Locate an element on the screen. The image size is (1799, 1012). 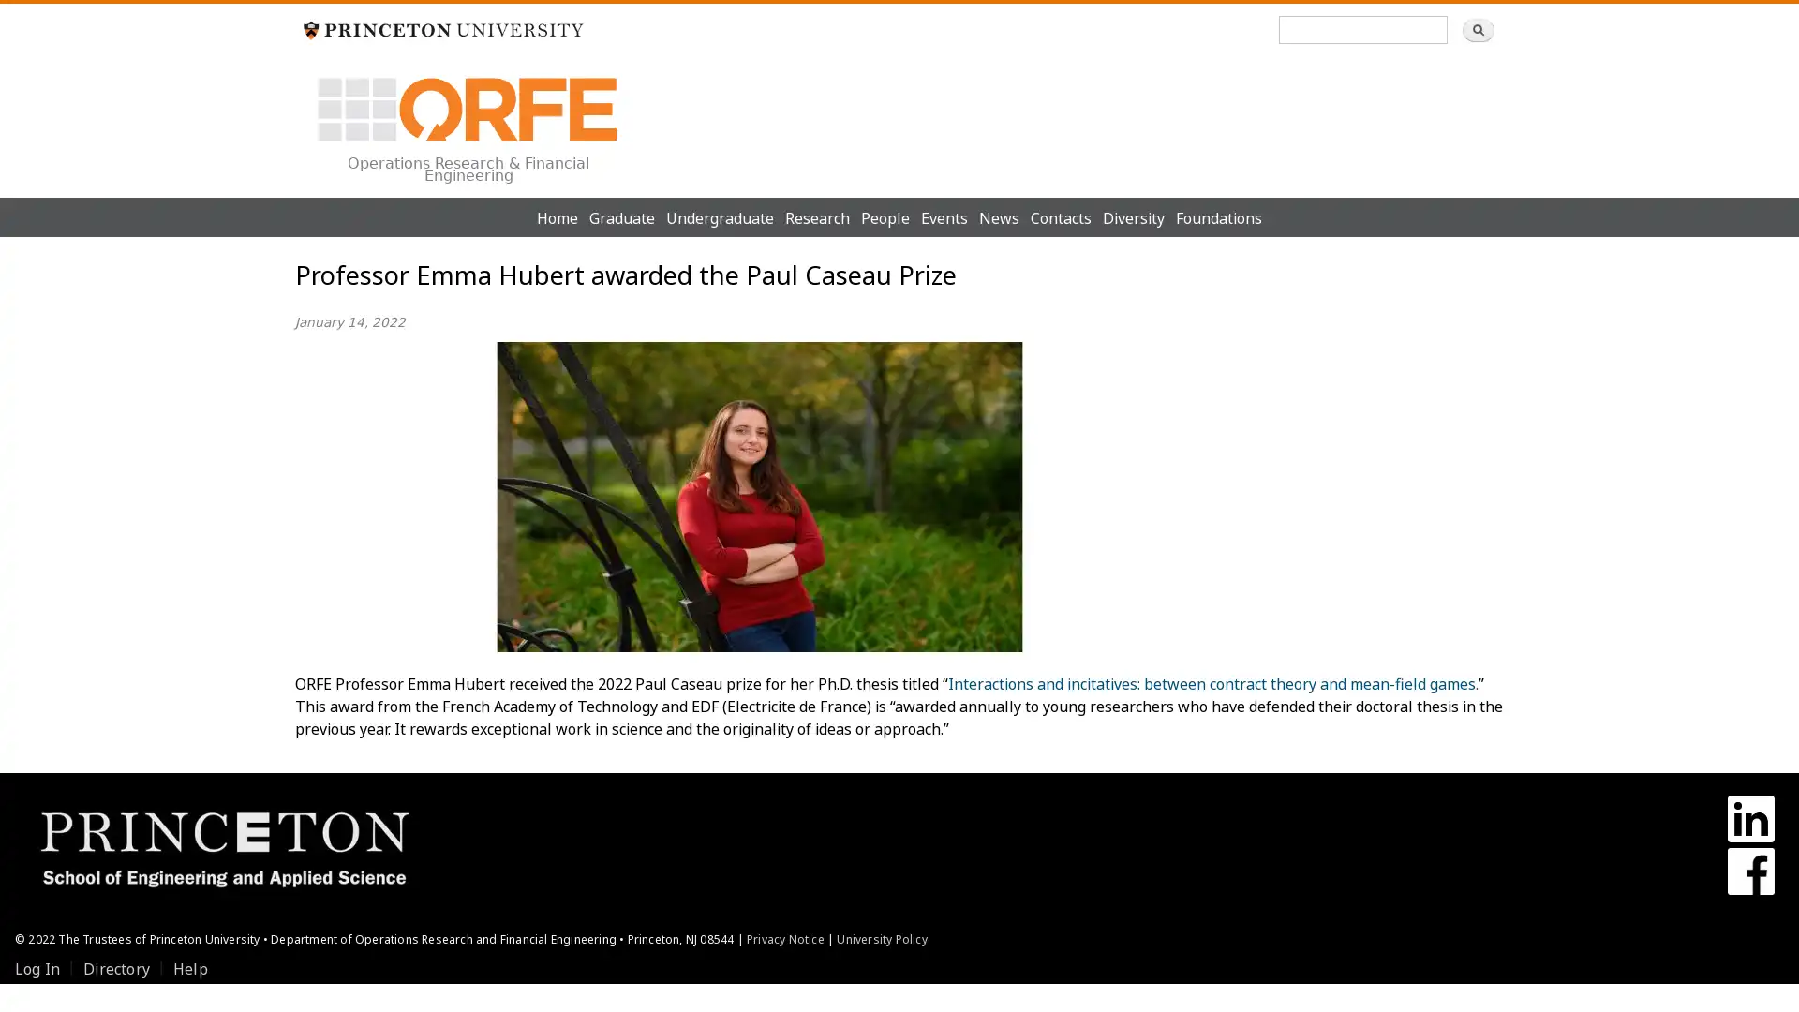
Search is located at coordinates (1478, 30).